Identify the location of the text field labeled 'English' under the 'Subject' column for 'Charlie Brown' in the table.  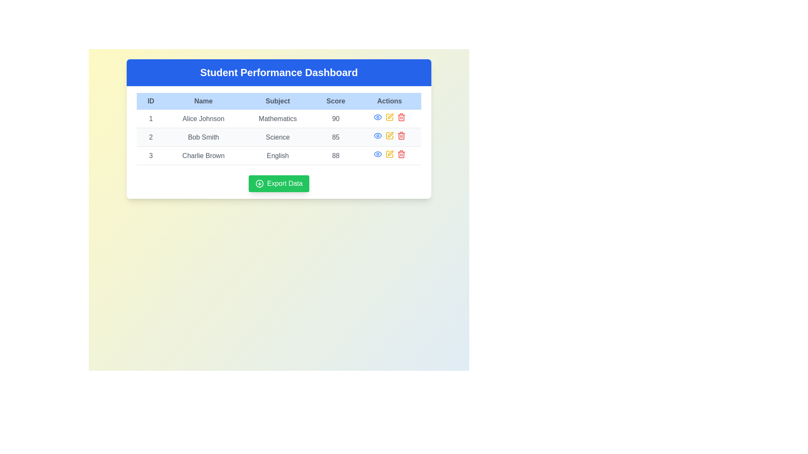
(278, 156).